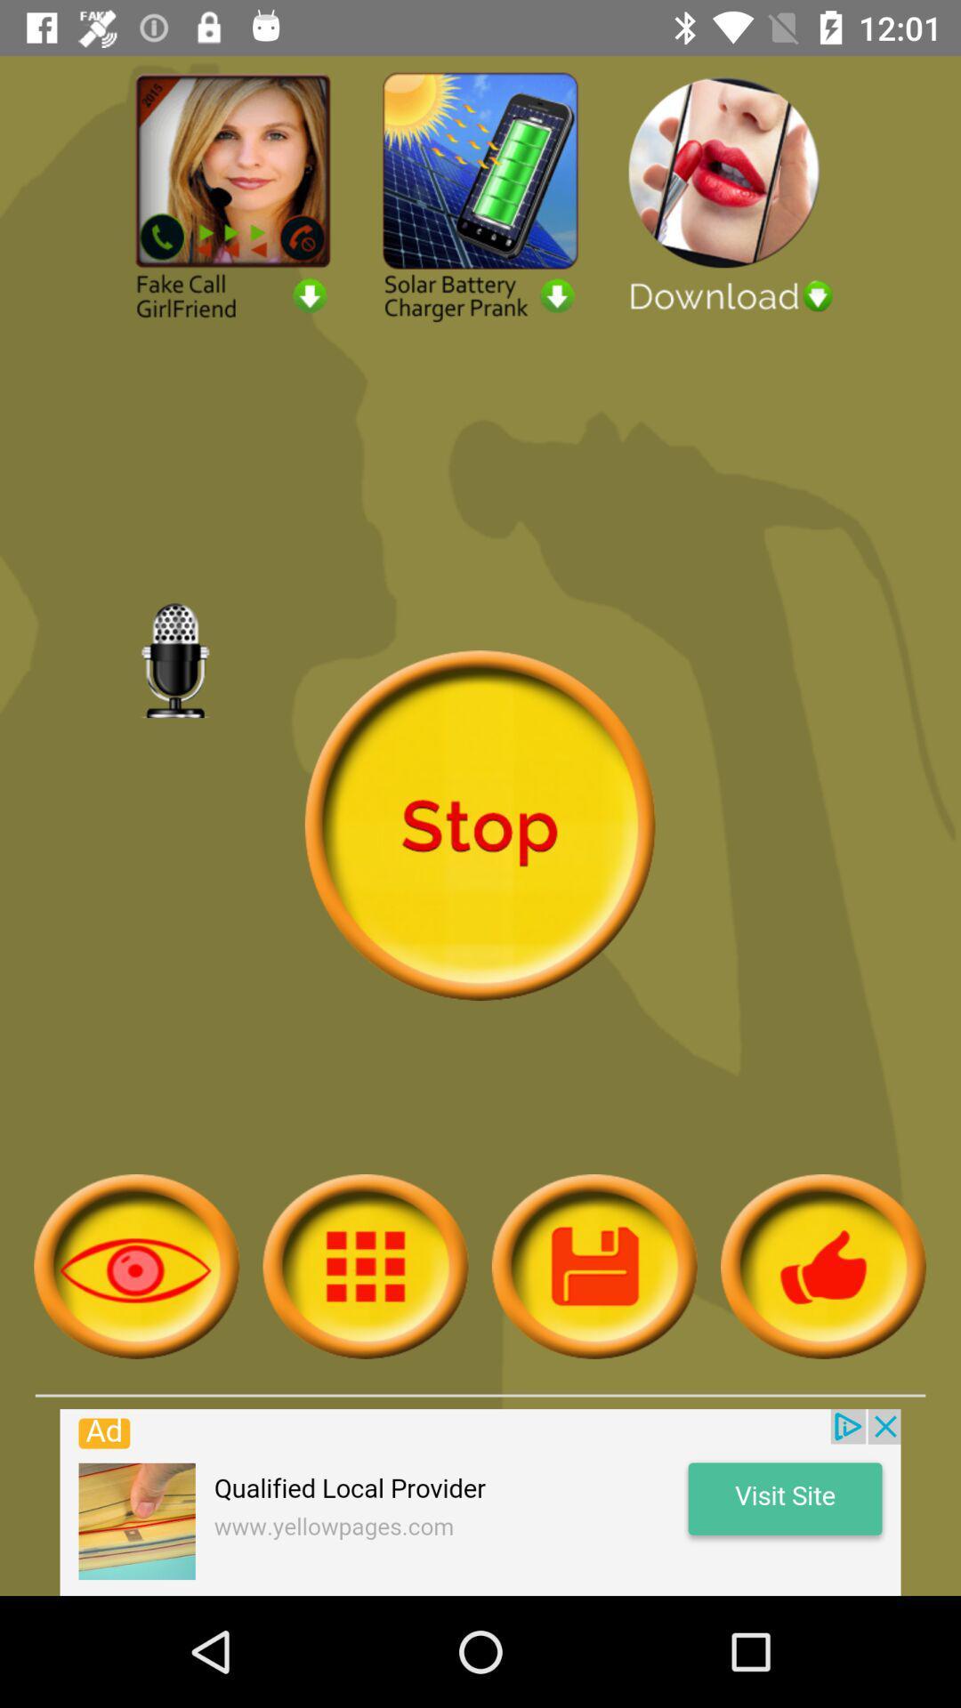  Describe the element at coordinates (479, 825) in the screenshot. I see `stop` at that location.